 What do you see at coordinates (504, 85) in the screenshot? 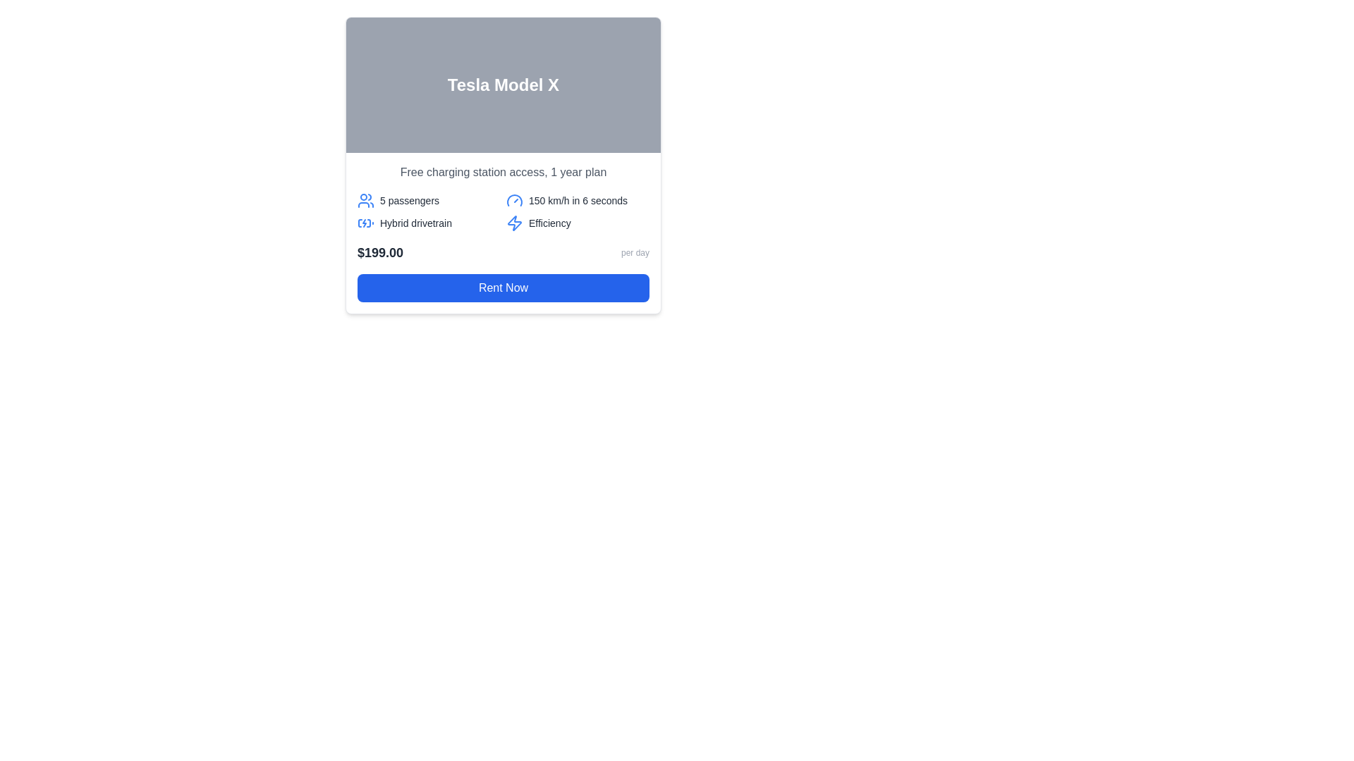
I see `title text element indicating the name of the product, which is 'Tesla Model X', located at the top of the card` at bounding box center [504, 85].